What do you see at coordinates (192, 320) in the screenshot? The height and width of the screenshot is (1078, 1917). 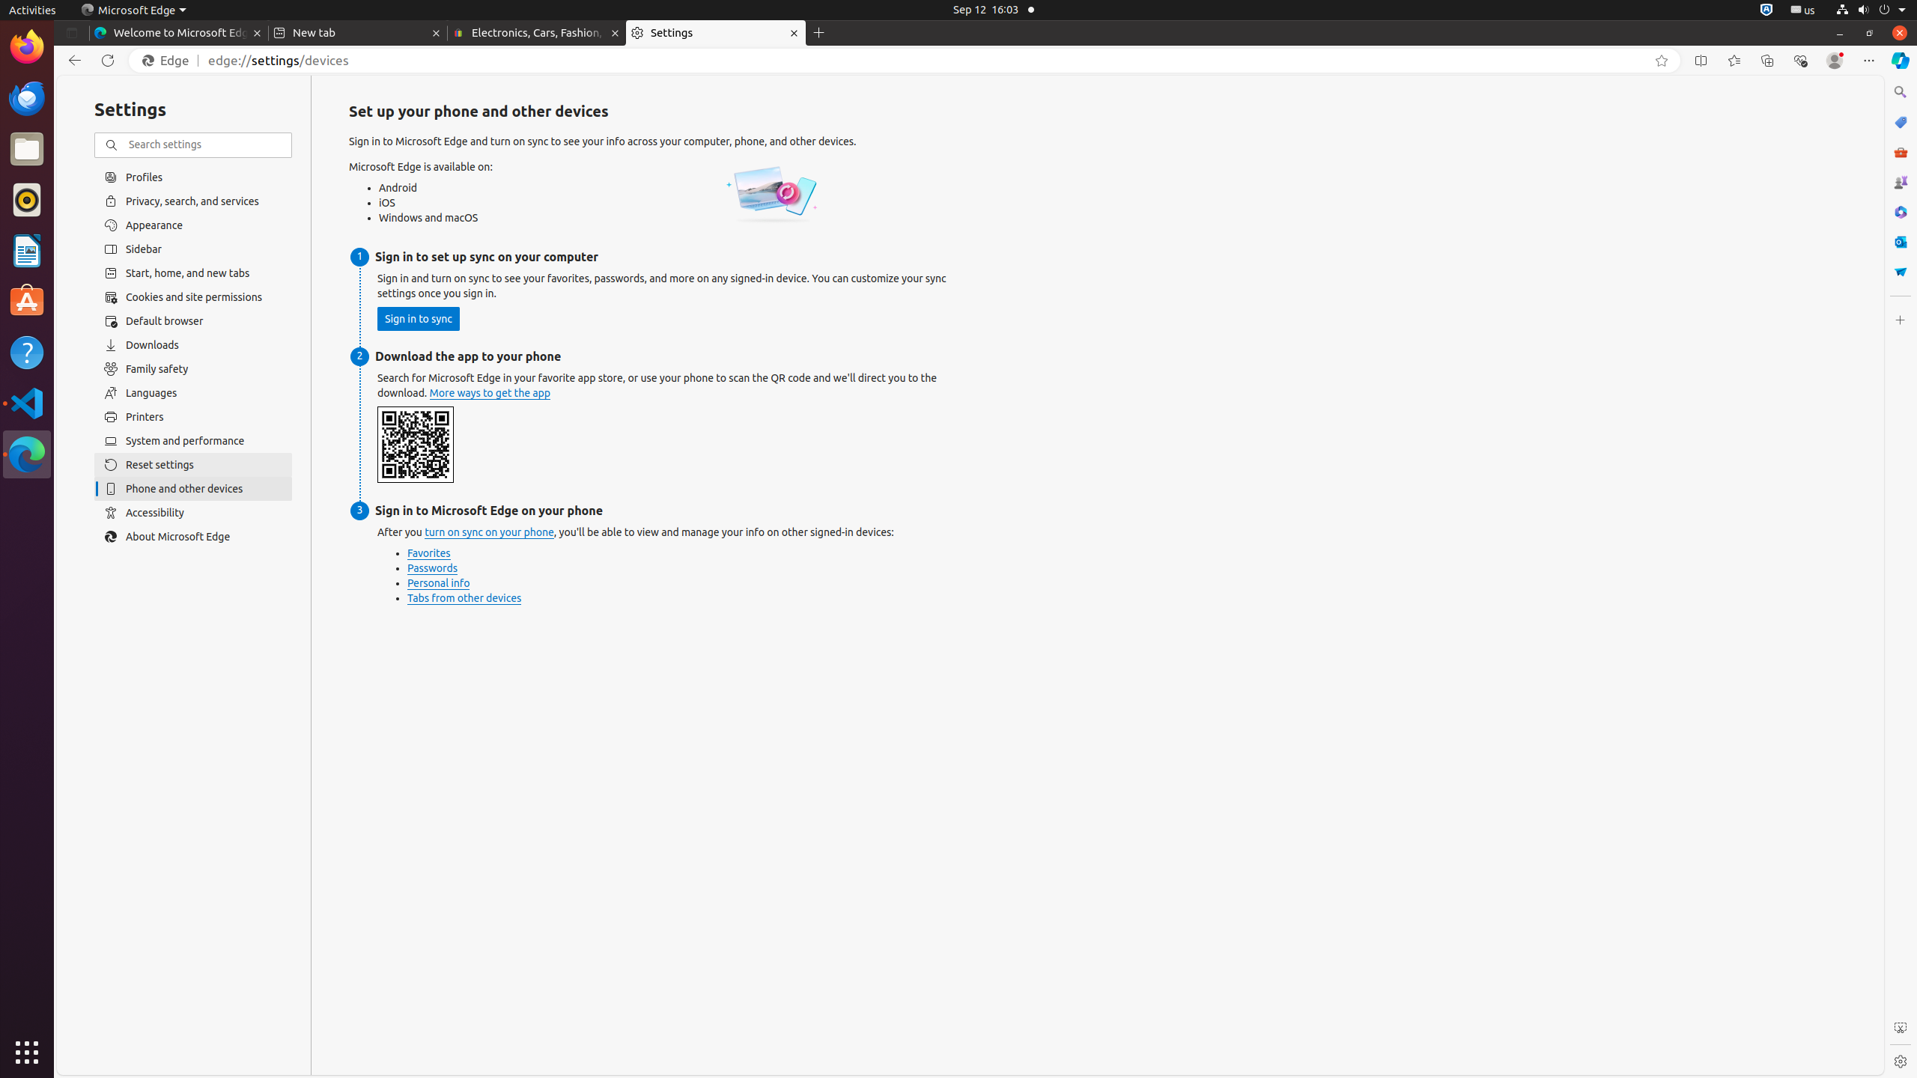 I see `'Default browser'` at bounding box center [192, 320].